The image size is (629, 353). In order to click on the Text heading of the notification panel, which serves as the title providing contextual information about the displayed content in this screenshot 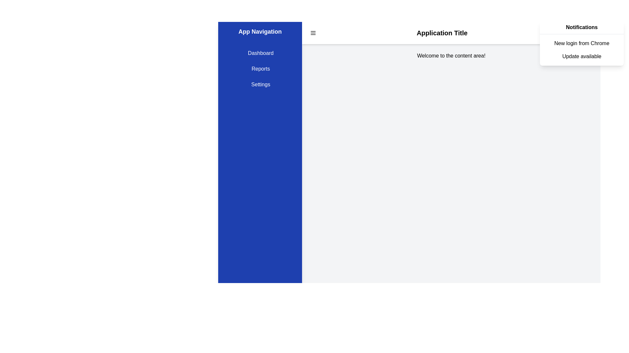, I will do `click(582, 27)`.